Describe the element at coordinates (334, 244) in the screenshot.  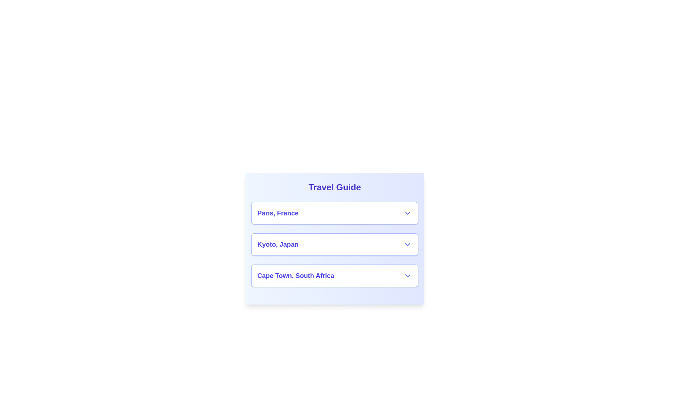
I see `the second item in the dropdown menu that represents 'Kyoto, Japan'` at that location.